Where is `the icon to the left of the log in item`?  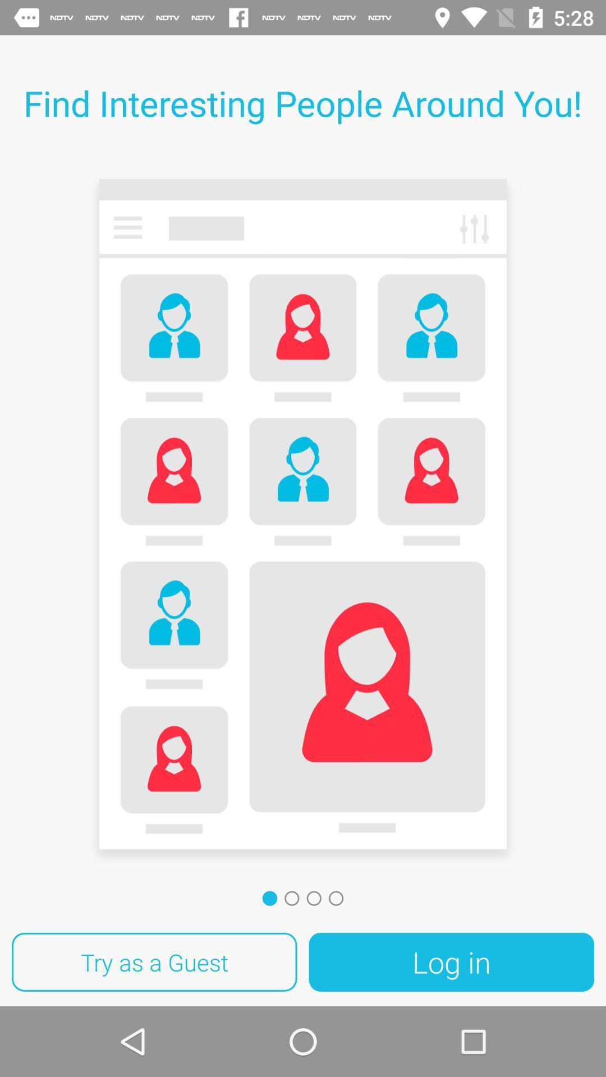
the icon to the left of the log in item is located at coordinates (154, 961).